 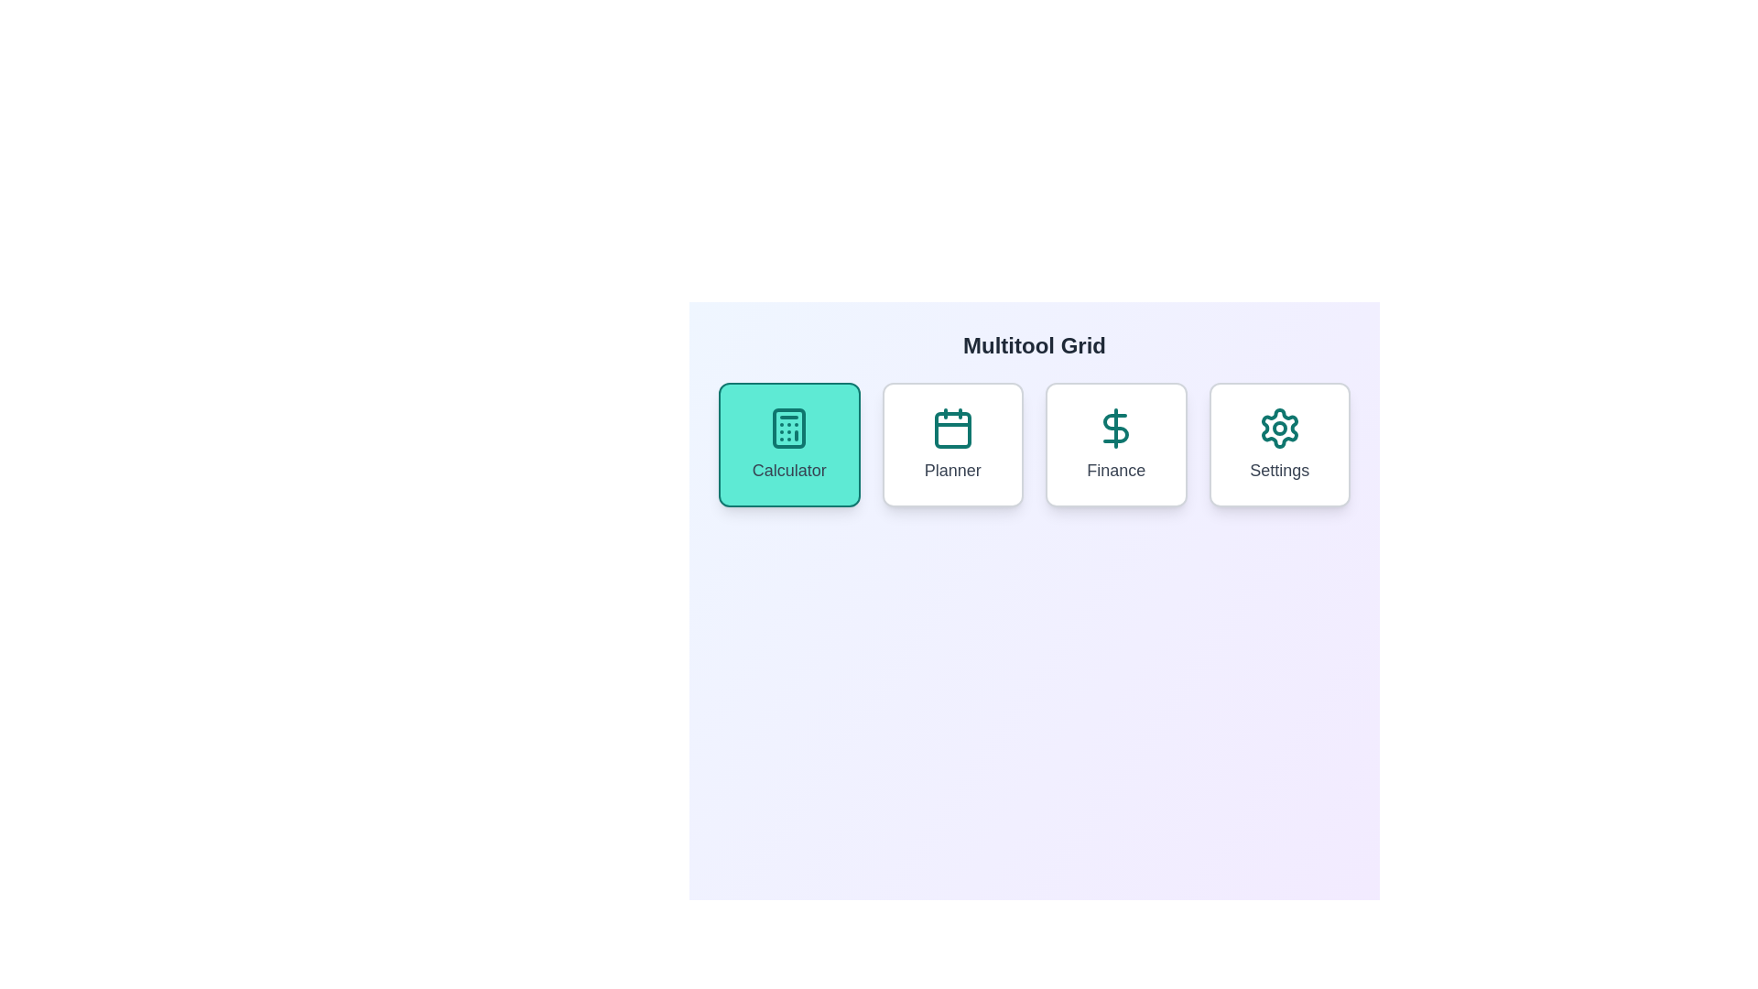 I want to click on the settings card, which has a white background, rounded border, gear icon in teal, and 'Settings' text in gray, located in the bottom-right corner of the grid layout, so click(x=1278, y=445).